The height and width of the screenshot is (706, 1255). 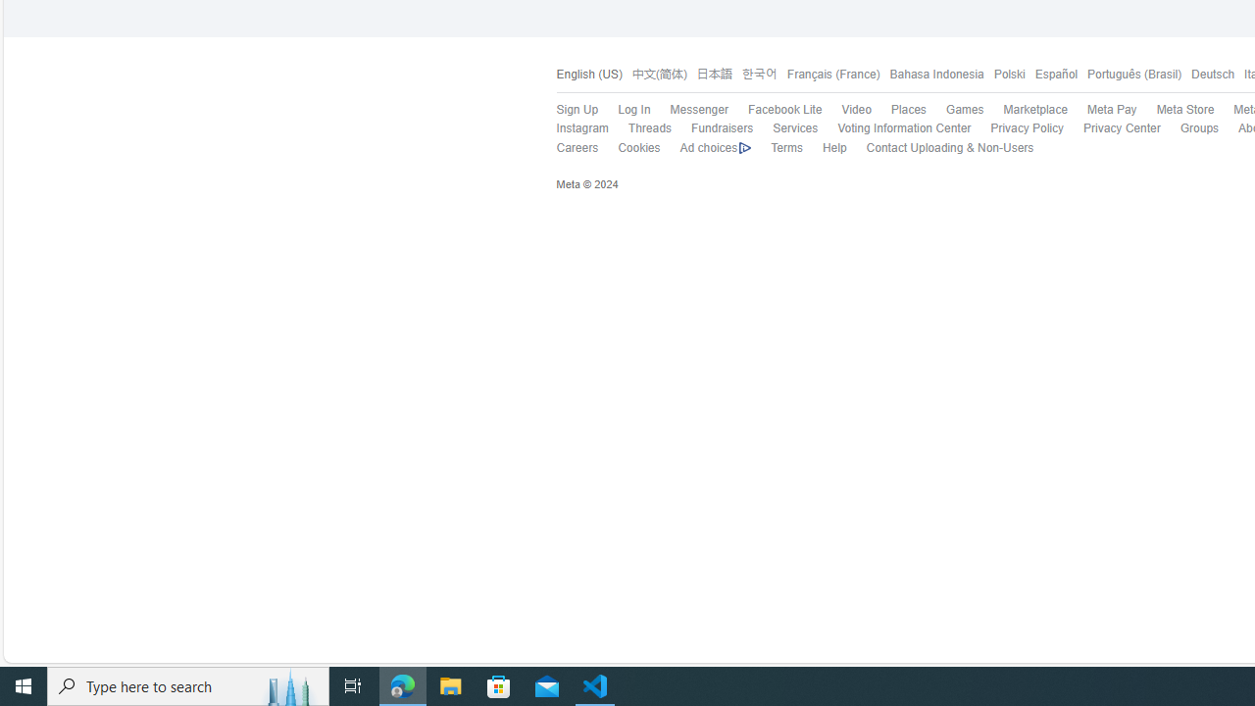 What do you see at coordinates (571, 128) in the screenshot?
I see `'Instagram'` at bounding box center [571, 128].